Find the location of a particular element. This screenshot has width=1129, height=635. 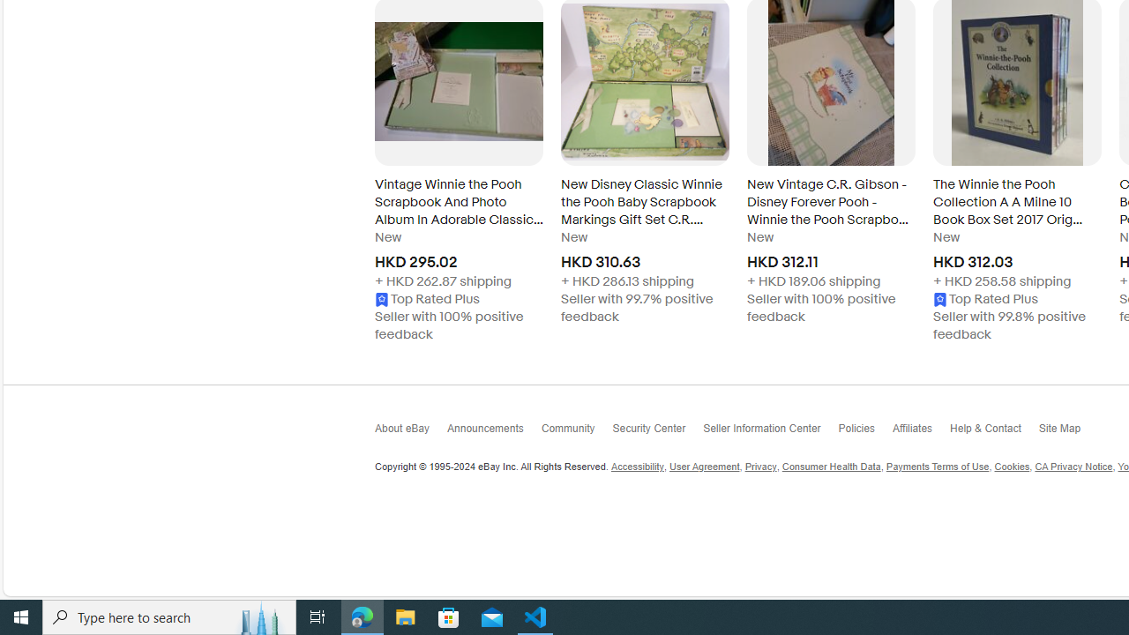

'Seller Information Center' is located at coordinates (771, 433).